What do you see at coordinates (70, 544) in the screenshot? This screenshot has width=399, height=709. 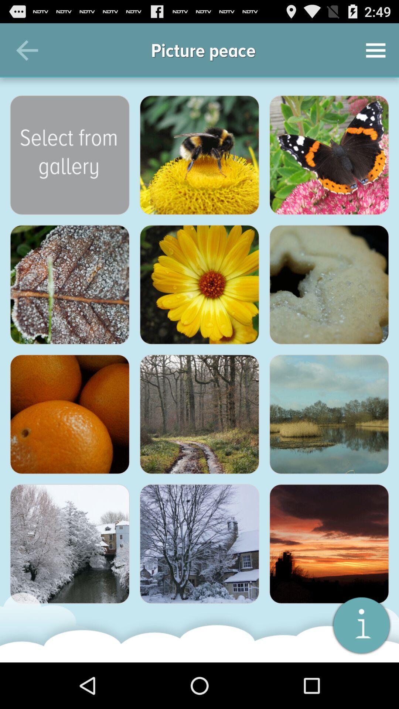 I see `gallery wallpaper` at bounding box center [70, 544].